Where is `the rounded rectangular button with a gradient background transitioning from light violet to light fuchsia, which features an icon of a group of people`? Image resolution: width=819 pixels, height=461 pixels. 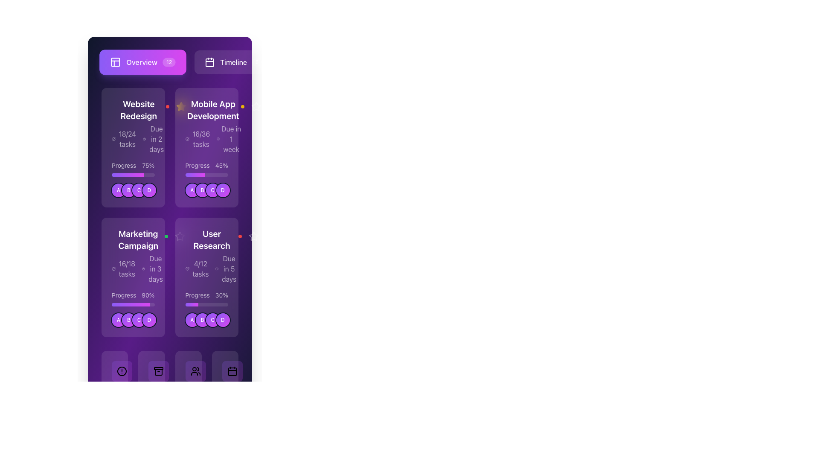
the rounded rectangular button with a gradient background transitioning from light violet to light fuchsia, which features an icon of a group of people is located at coordinates (195, 371).